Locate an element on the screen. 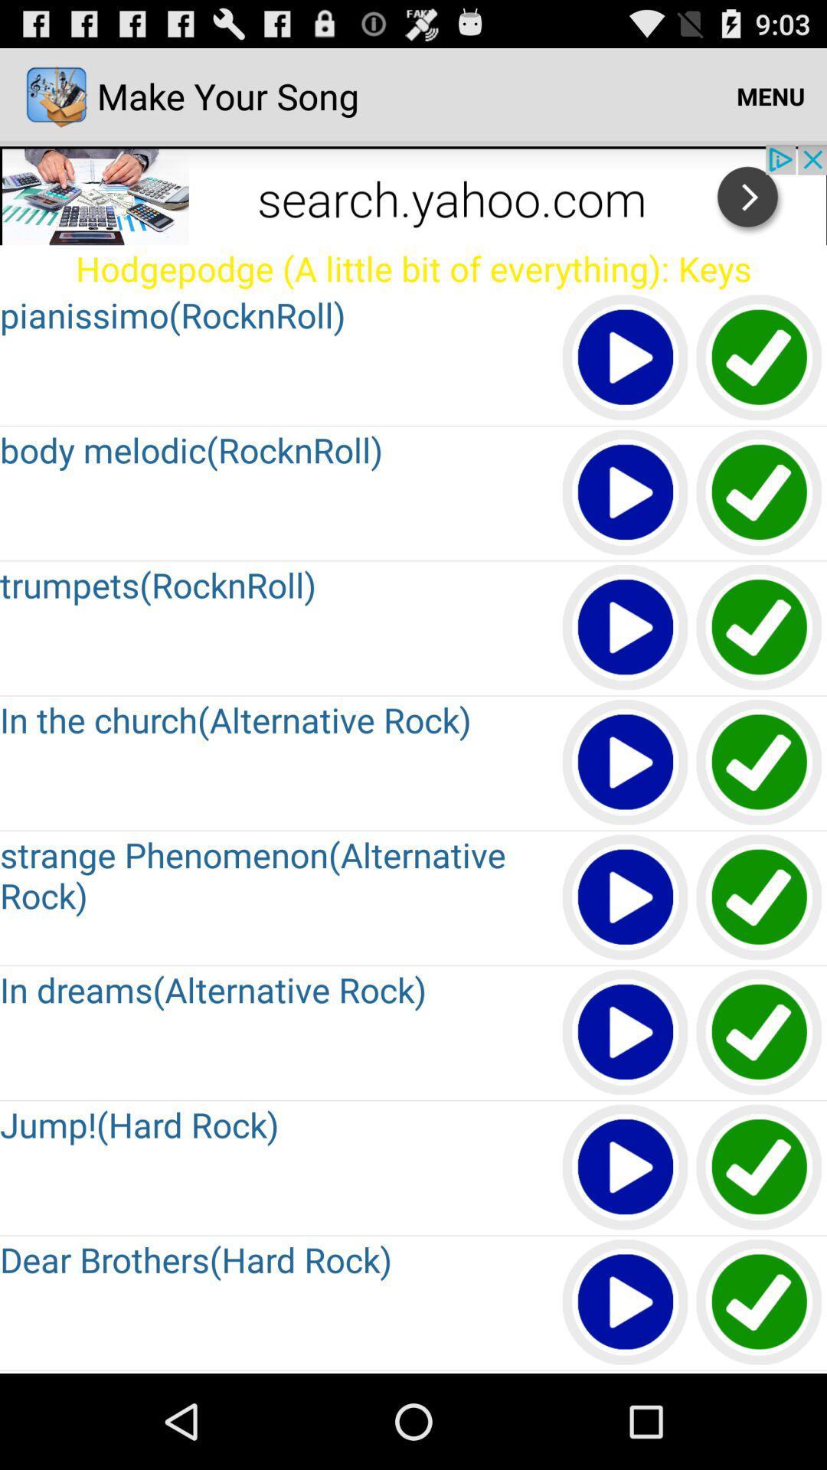 This screenshot has height=1470, width=827. page is located at coordinates (626, 493).